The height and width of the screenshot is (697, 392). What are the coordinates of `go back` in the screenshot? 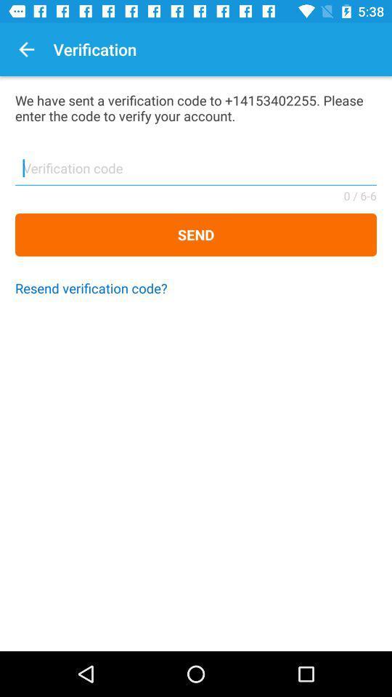 It's located at (26, 49).